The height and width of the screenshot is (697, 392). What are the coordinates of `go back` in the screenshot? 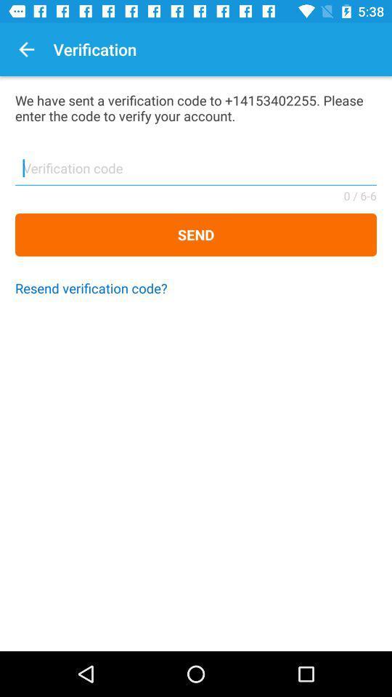 It's located at (26, 49).